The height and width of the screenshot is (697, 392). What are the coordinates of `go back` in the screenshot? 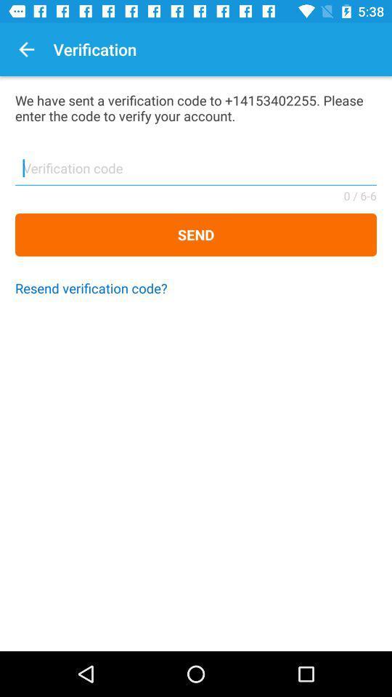 It's located at (26, 49).